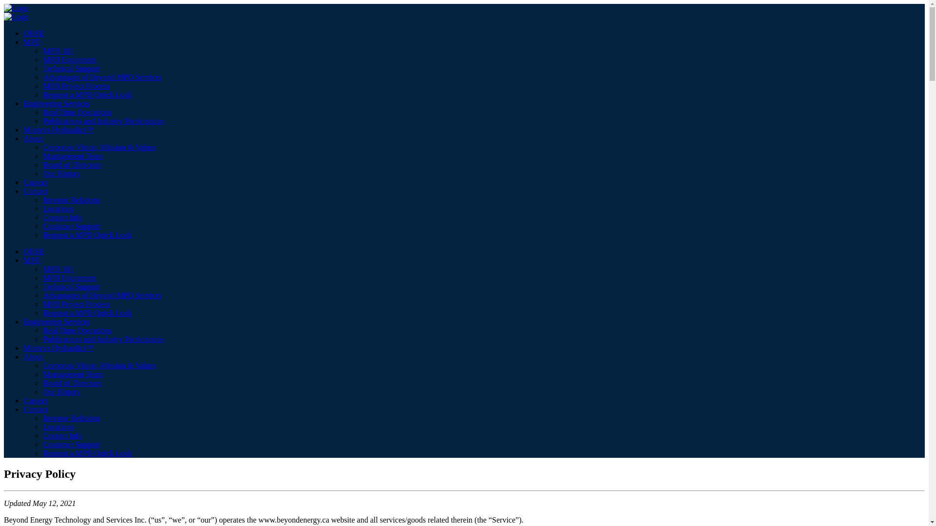 The width and height of the screenshot is (936, 526). Describe the element at coordinates (23, 182) in the screenshot. I see `'Careers'` at that location.